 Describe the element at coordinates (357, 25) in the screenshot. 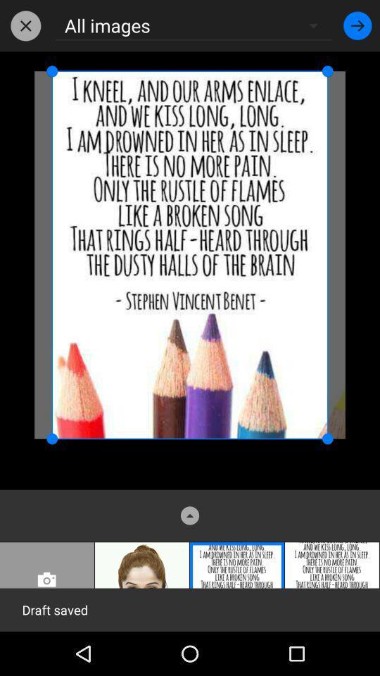

I see `the item to the right of all images item` at that location.